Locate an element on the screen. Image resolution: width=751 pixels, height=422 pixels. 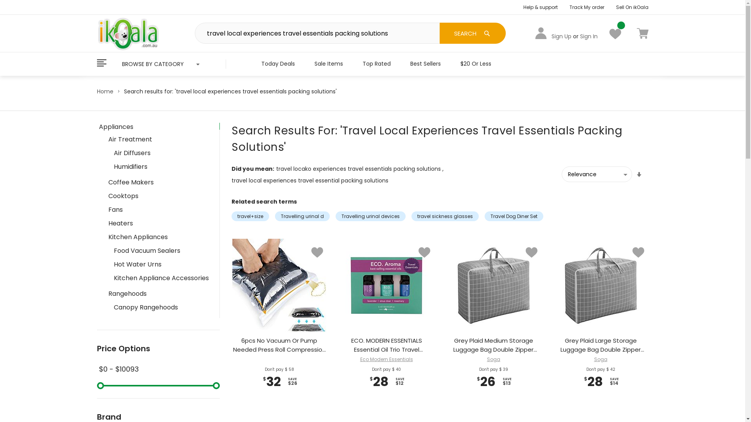
'Sign Up' is located at coordinates (561, 36).